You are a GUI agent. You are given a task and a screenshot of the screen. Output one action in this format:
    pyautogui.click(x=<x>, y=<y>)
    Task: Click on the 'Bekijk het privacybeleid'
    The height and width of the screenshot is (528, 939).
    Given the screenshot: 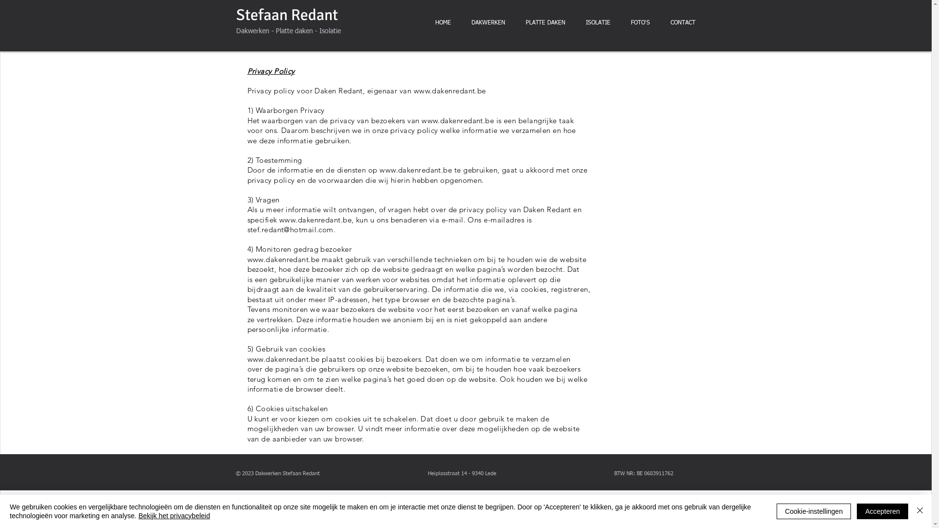 What is the action you would take?
    pyautogui.click(x=174, y=515)
    